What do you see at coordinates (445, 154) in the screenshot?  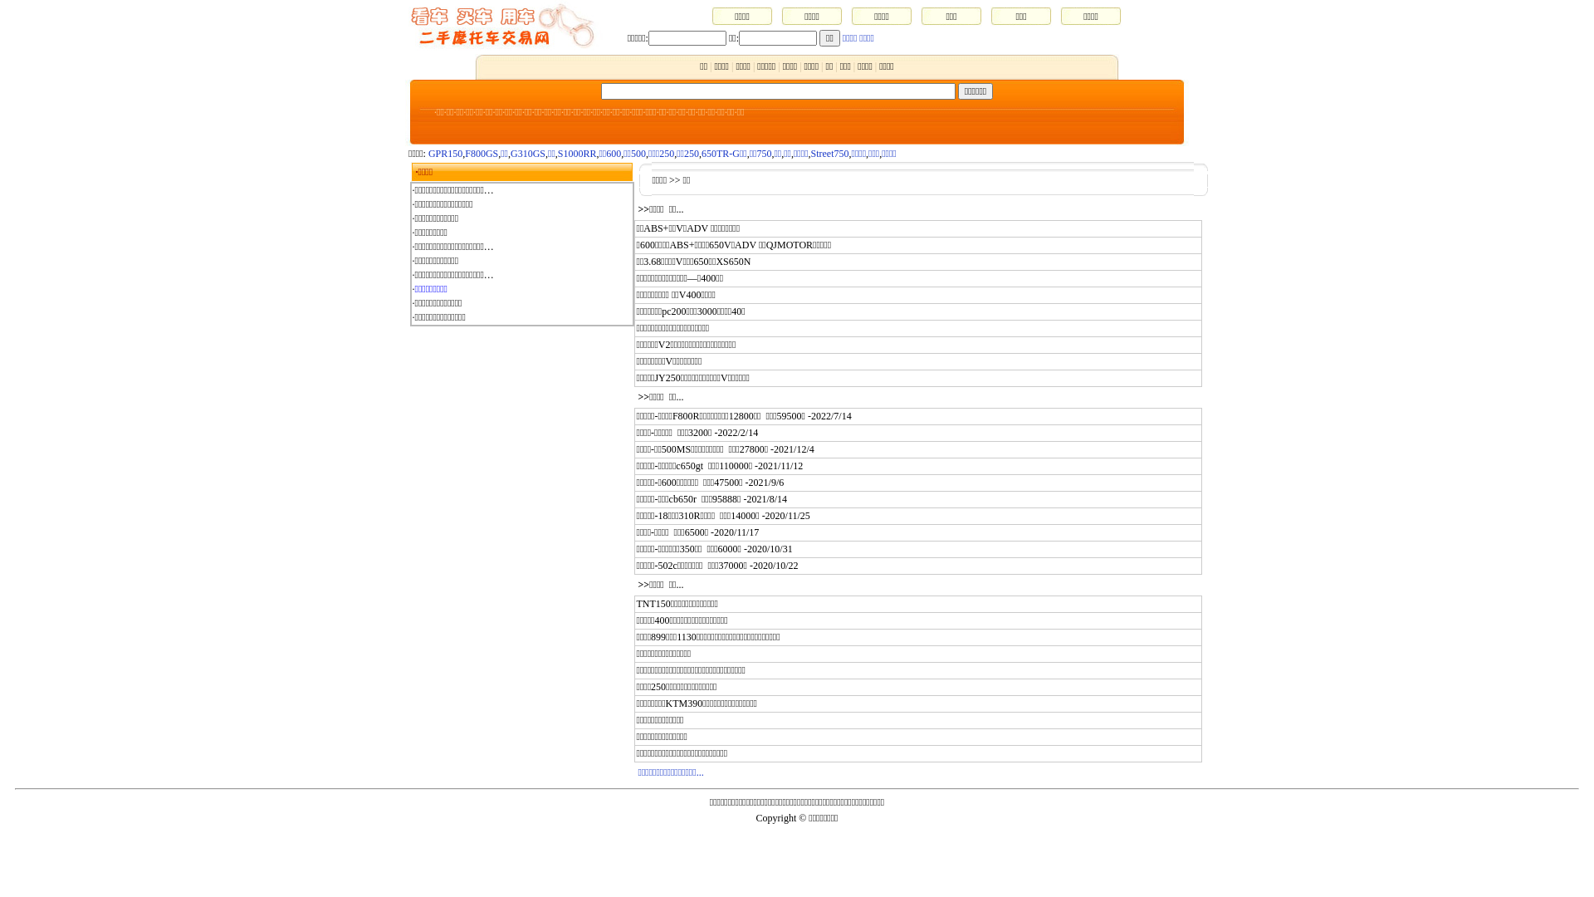 I see `'GPR150'` at bounding box center [445, 154].